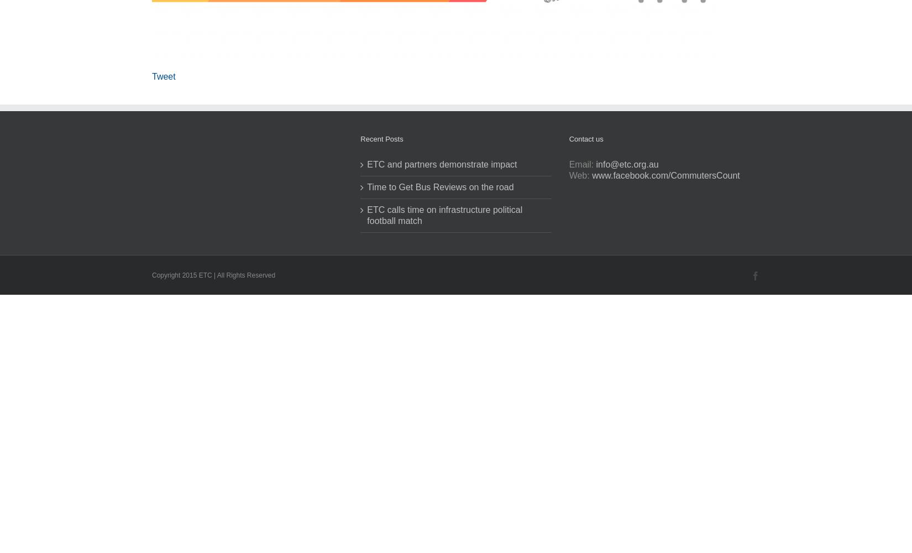 The image size is (912, 553). What do you see at coordinates (627, 164) in the screenshot?
I see `'info@etc.org.au'` at bounding box center [627, 164].